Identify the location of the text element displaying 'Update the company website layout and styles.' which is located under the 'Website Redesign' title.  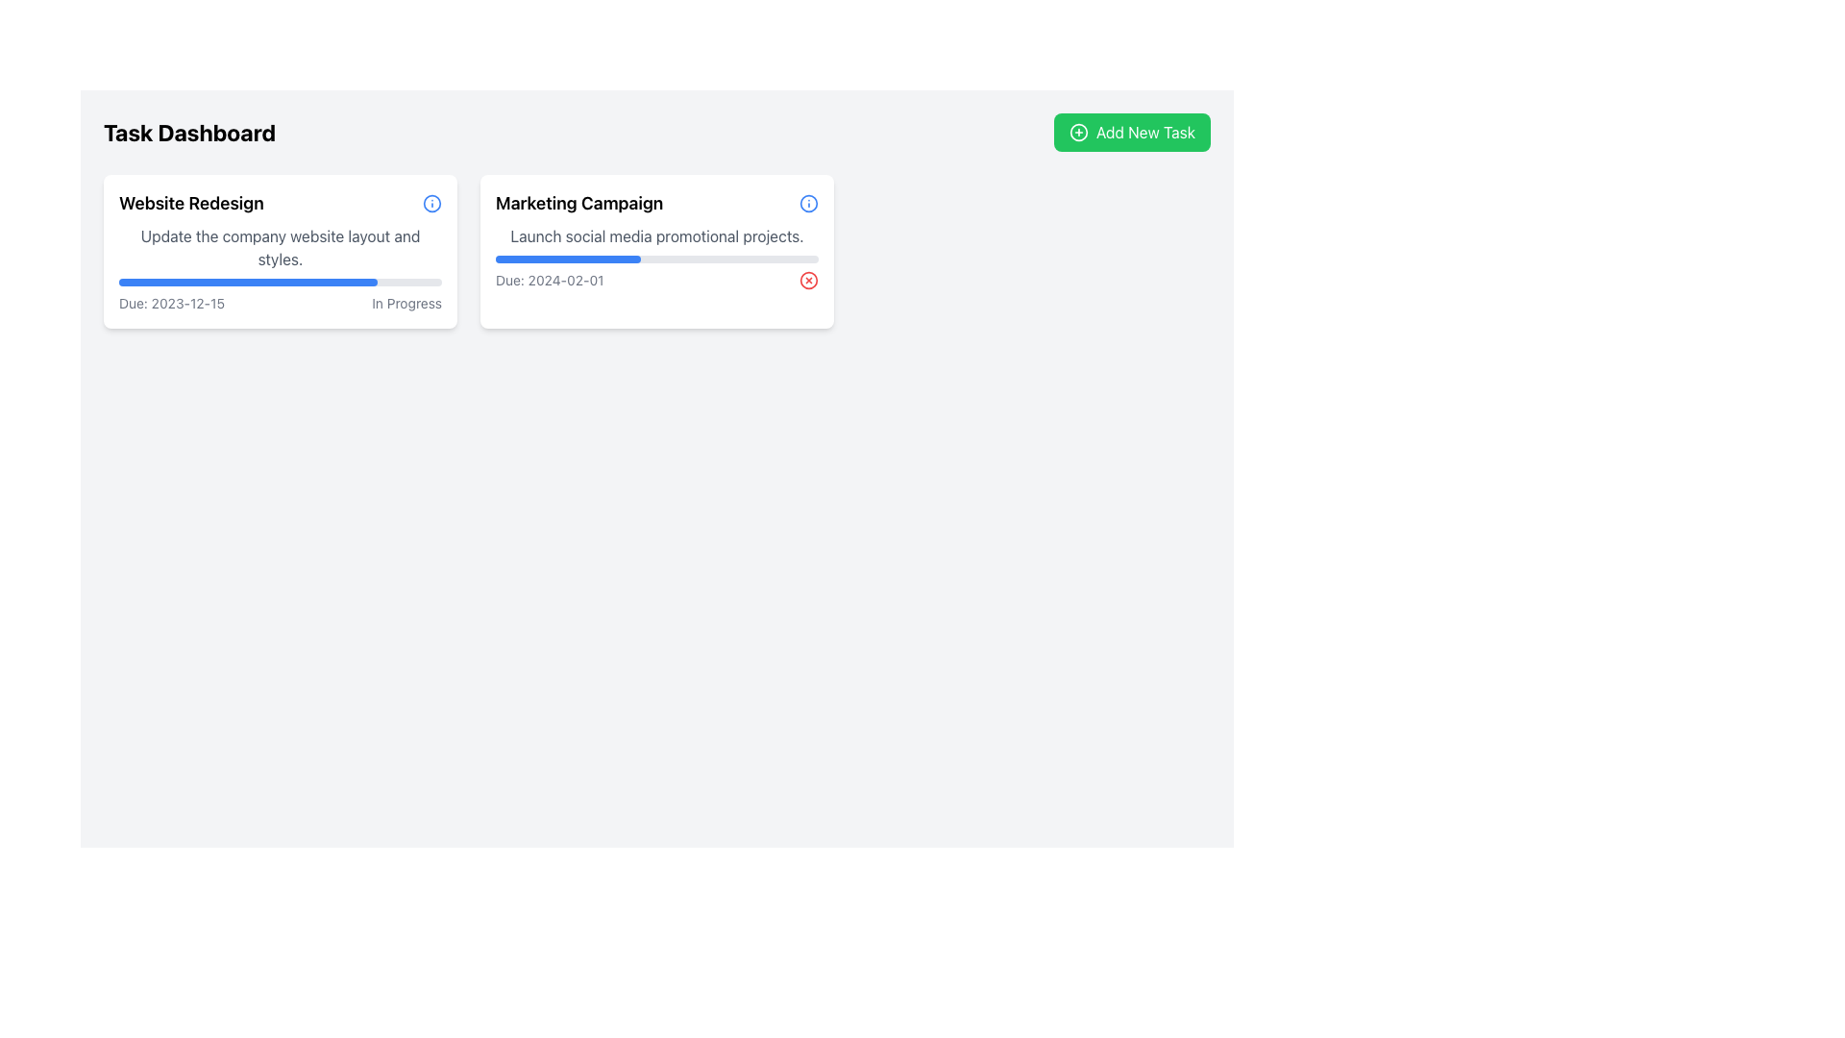
(280, 247).